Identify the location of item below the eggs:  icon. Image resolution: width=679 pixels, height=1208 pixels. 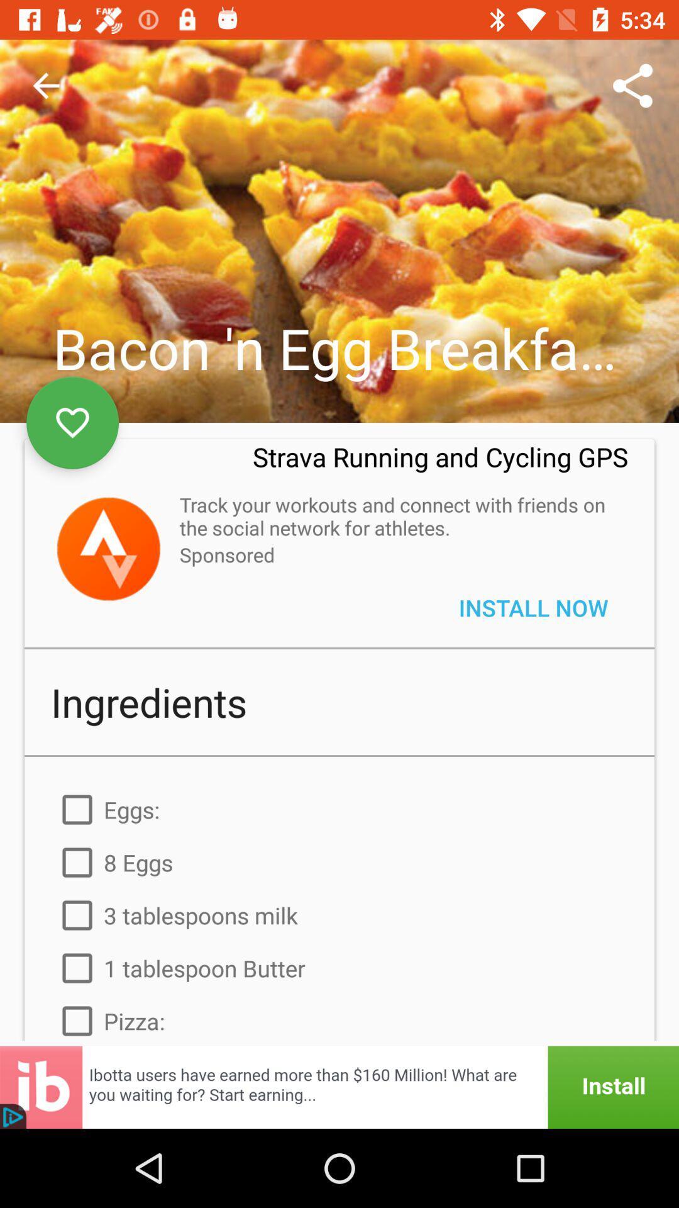
(339, 862).